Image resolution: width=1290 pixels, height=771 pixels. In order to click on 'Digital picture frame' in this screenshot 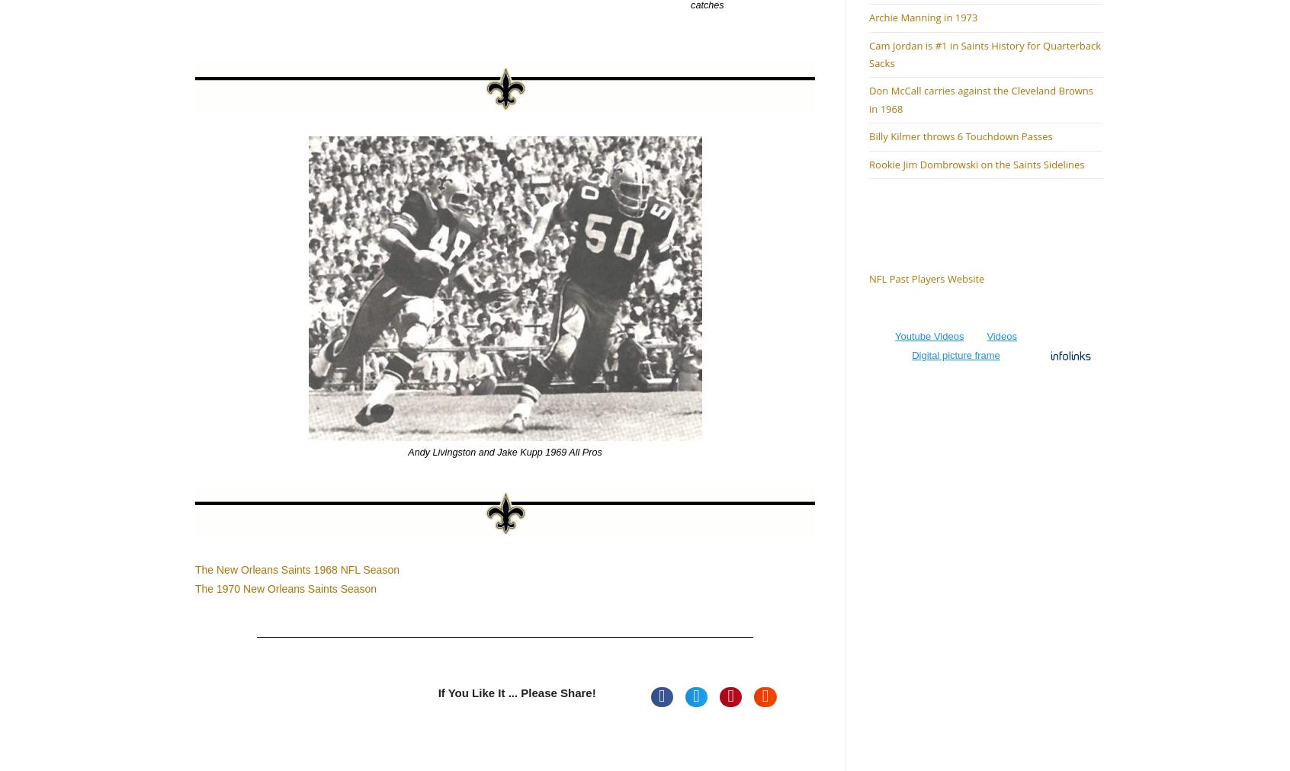, I will do `click(955, 355)`.